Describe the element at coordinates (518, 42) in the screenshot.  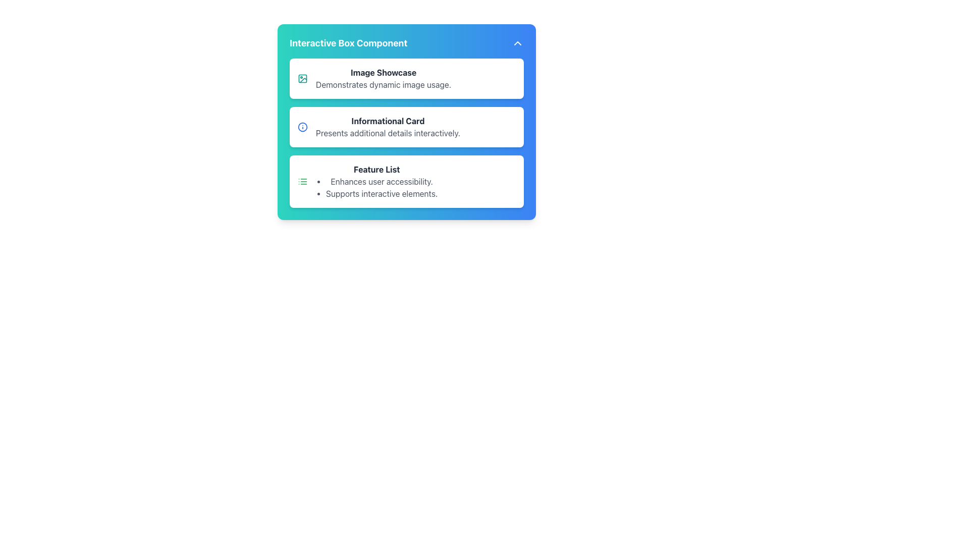
I see `the chevron-up icon button` at that location.